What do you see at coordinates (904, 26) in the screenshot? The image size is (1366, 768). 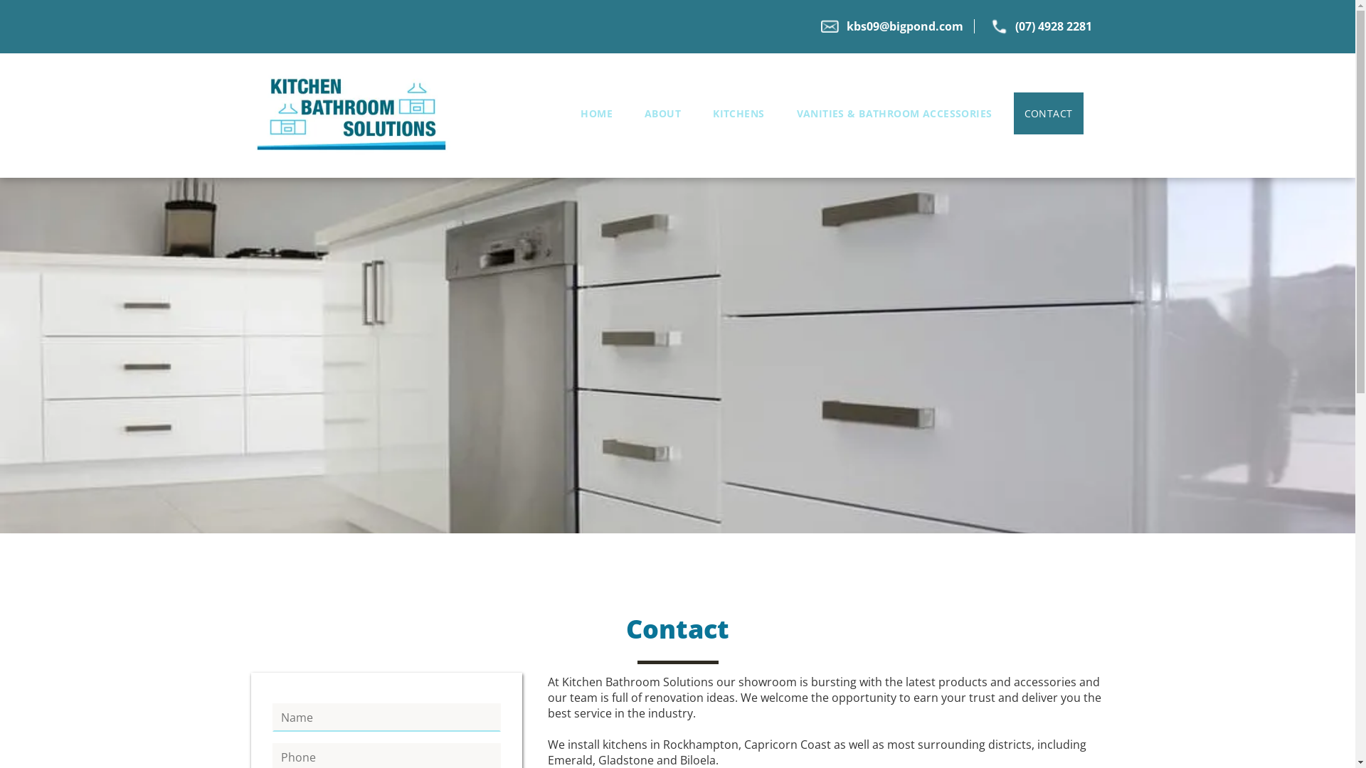 I see `'kbs09@bigpond.com'` at bounding box center [904, 26].